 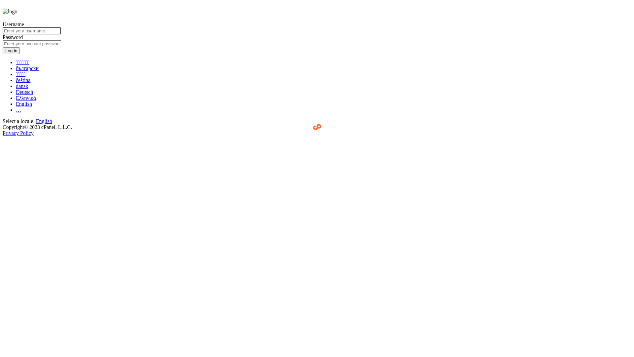 I want to click on 'Privacy Policy', so click(x=18, y=133).